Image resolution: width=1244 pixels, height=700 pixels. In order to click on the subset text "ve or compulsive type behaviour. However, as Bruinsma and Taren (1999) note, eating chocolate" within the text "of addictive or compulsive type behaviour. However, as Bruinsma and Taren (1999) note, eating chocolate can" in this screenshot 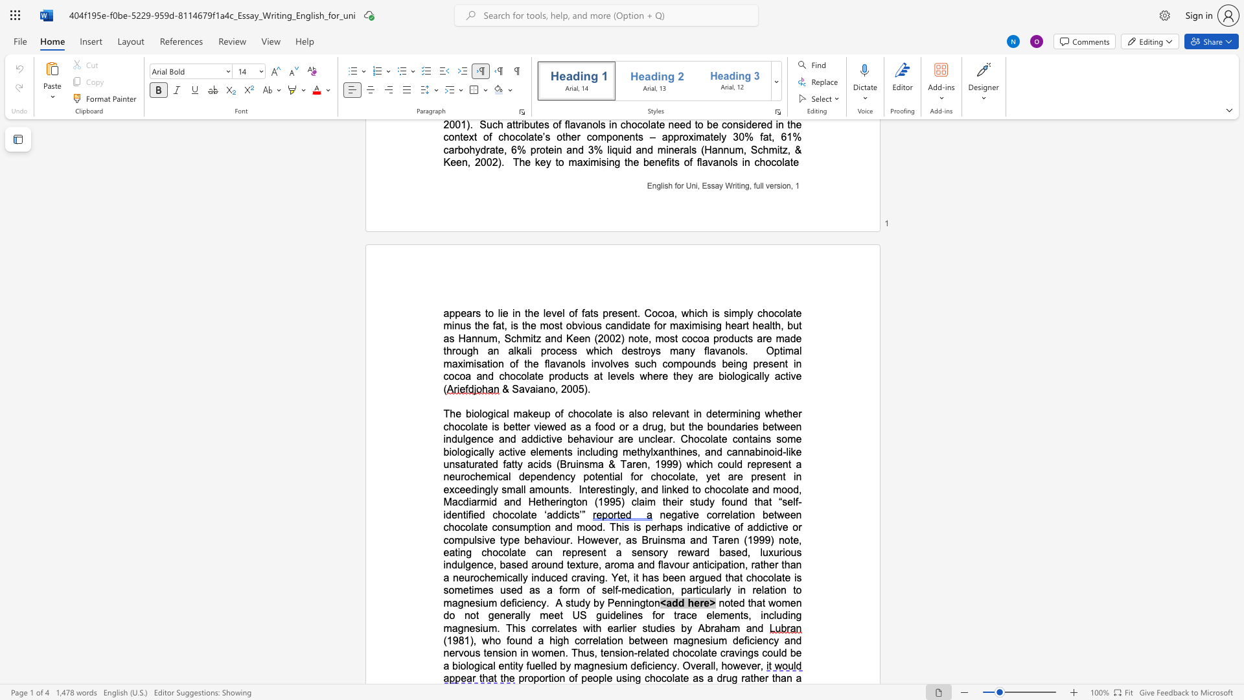, I will do `click(777, 527)`.